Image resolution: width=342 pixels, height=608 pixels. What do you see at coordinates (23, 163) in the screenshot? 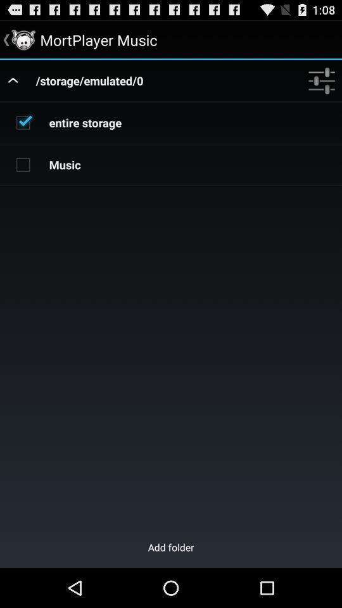
I see `check music category` at bounding box center [23, 163].